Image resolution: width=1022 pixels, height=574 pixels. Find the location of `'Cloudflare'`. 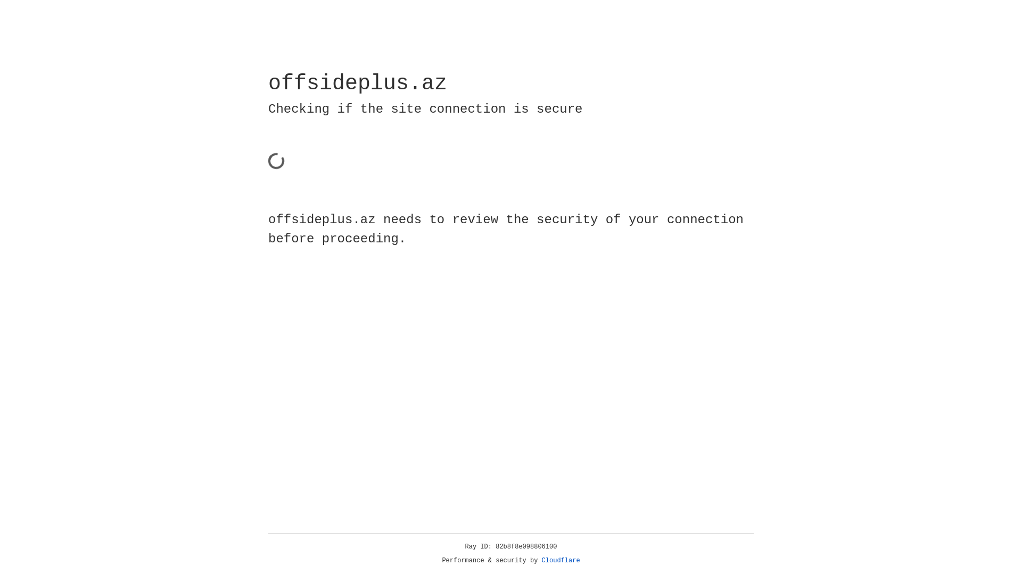

'Cloudflare' is located at coordinates (561, 560).